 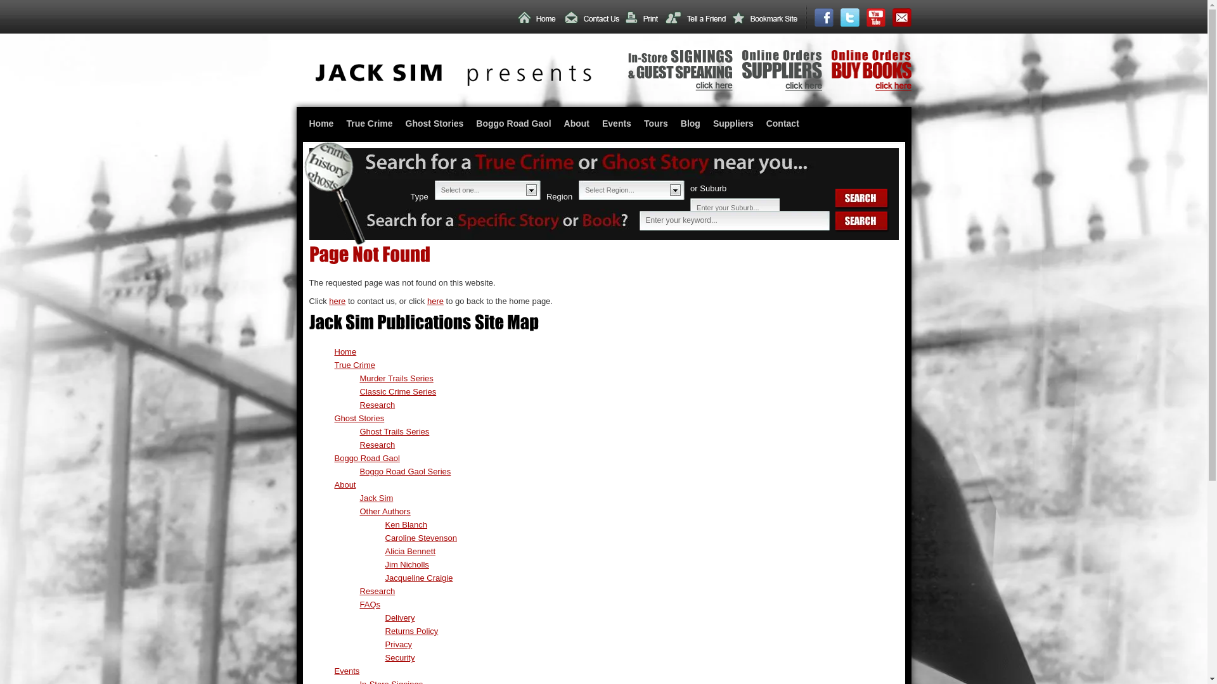 What do you see at coordinates (359, 497) in the screenshot?
I see `'Jack Sim'` at bounding box center [359, 497].